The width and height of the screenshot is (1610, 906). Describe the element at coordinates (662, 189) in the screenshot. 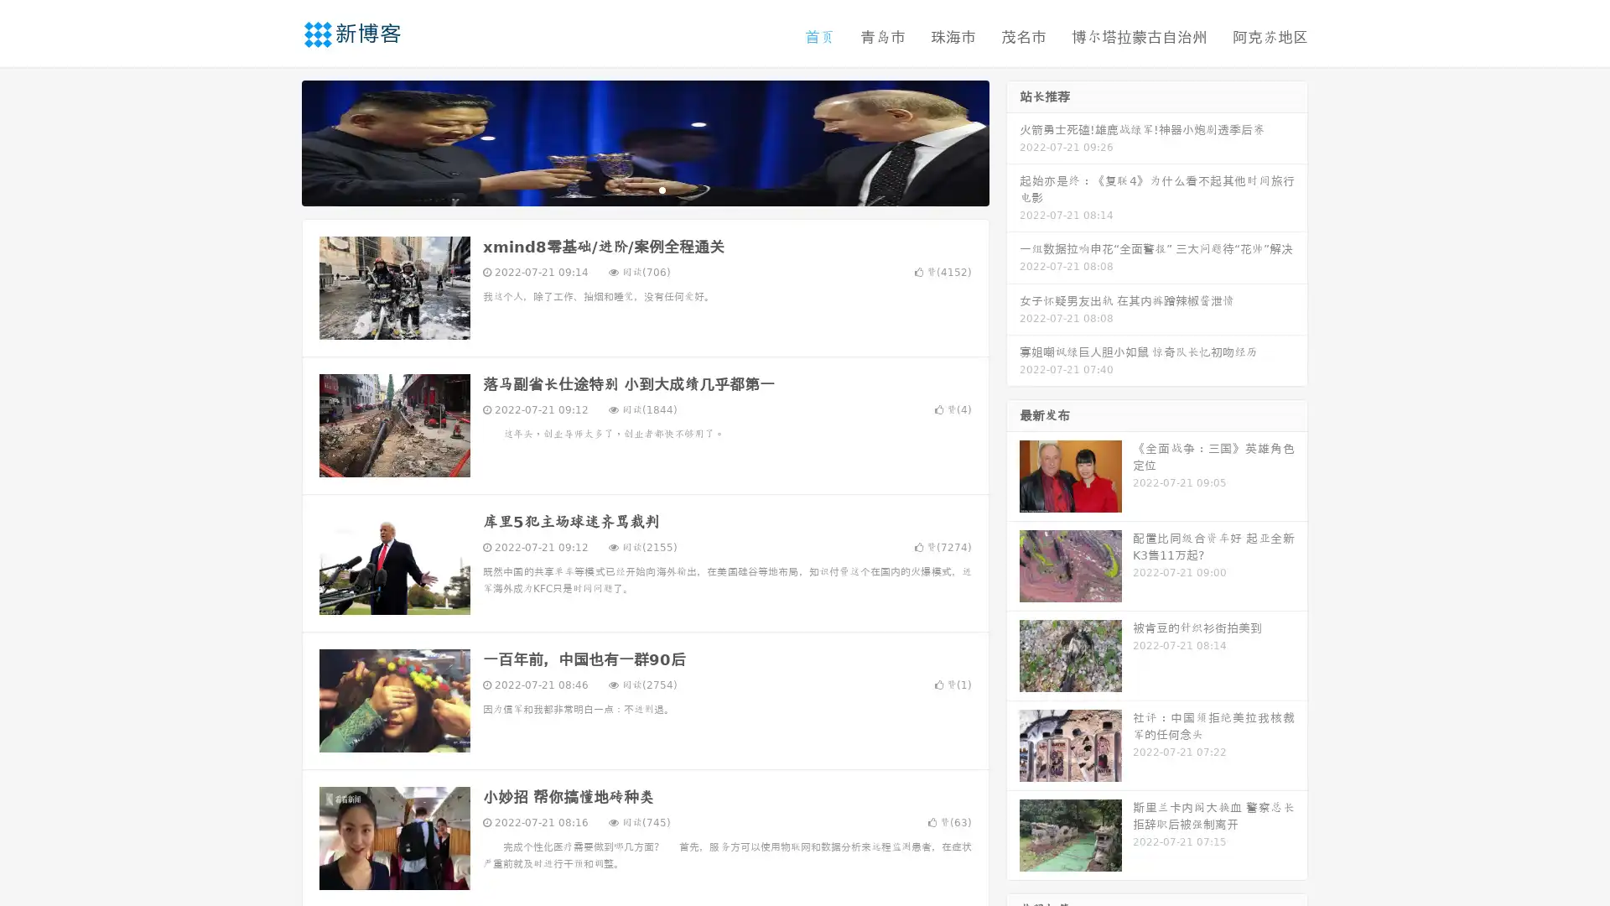

I see `Go to slide 3` at that location.